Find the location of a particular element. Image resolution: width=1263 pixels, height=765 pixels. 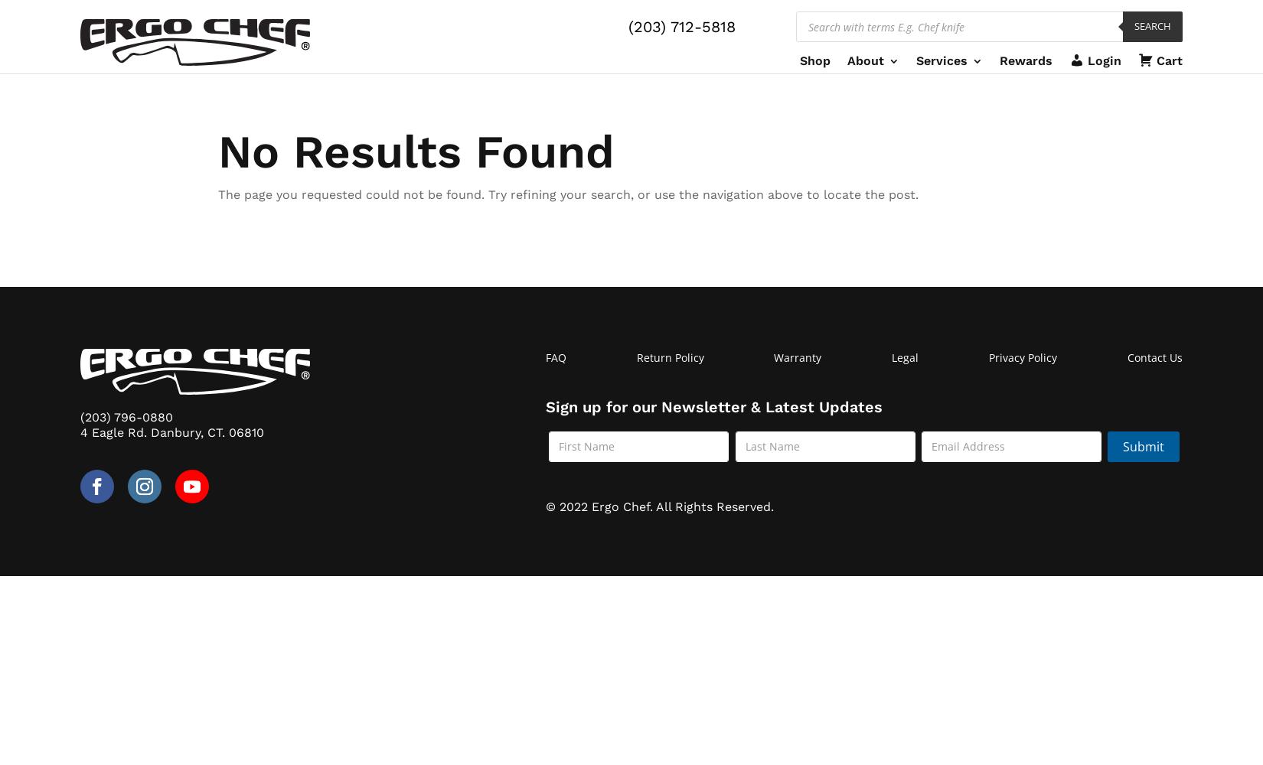

'Warranty' is located at coordinates (773, 356).